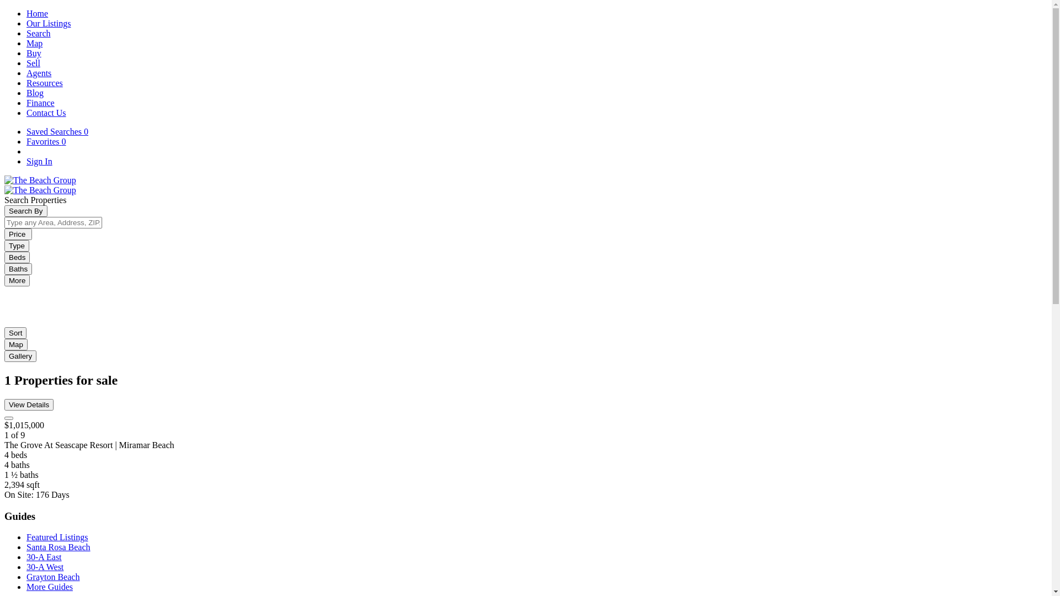 The width and height of the screenshot is (1060, 596). Describe the element at coordinates (49, 586) in the screenshot. I see `'More Guides'` at that location.